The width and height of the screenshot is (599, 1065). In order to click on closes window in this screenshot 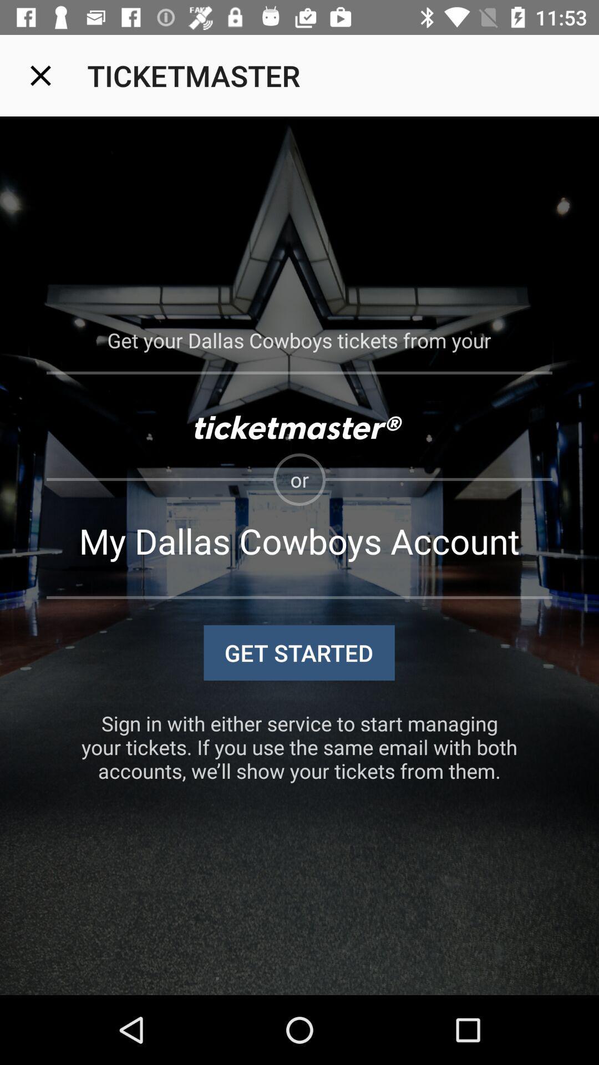, I will do `click(40, 75)`.